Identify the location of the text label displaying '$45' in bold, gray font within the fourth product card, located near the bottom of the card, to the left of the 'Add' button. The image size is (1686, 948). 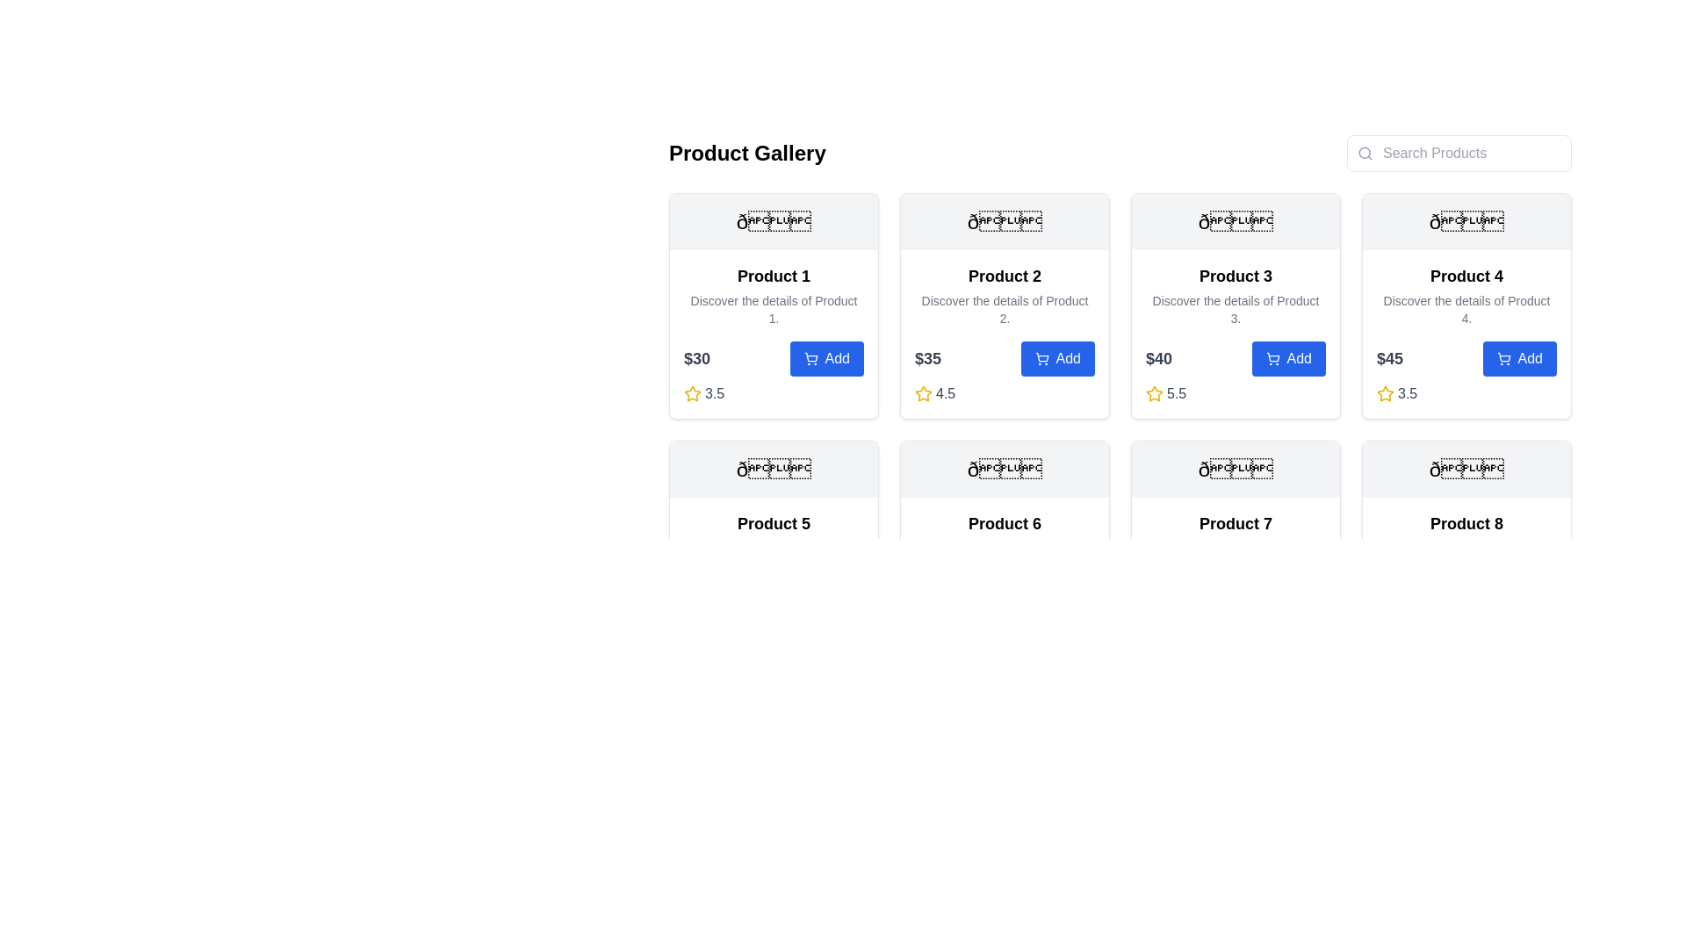
(1389, 357).